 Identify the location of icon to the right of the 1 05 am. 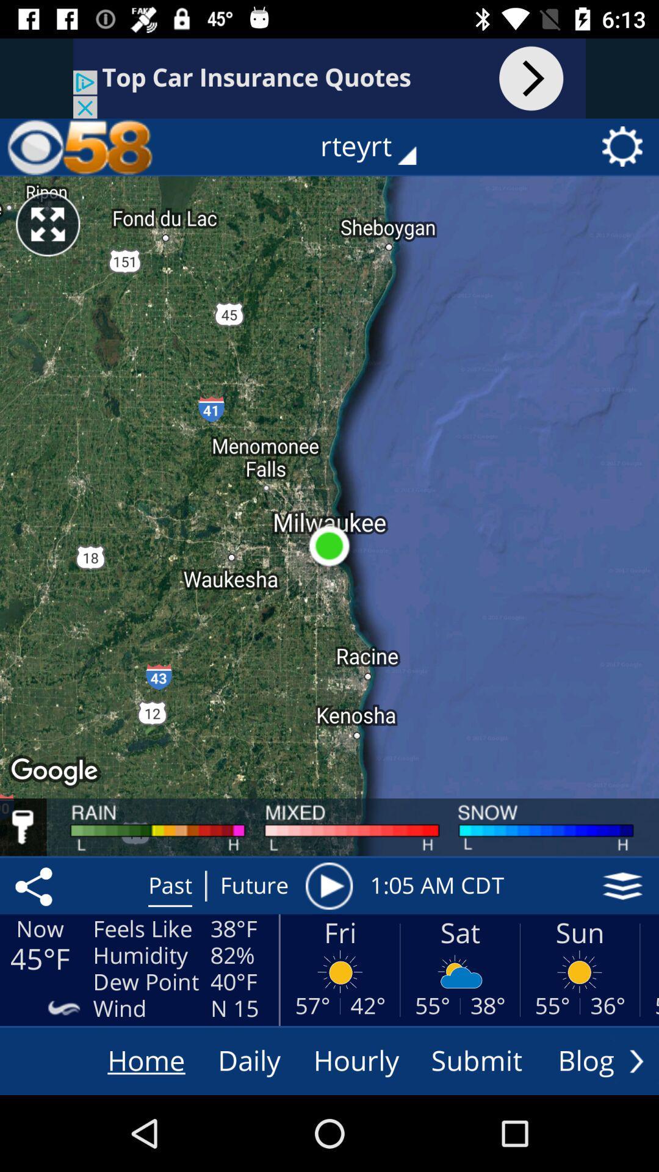
(622, 886).